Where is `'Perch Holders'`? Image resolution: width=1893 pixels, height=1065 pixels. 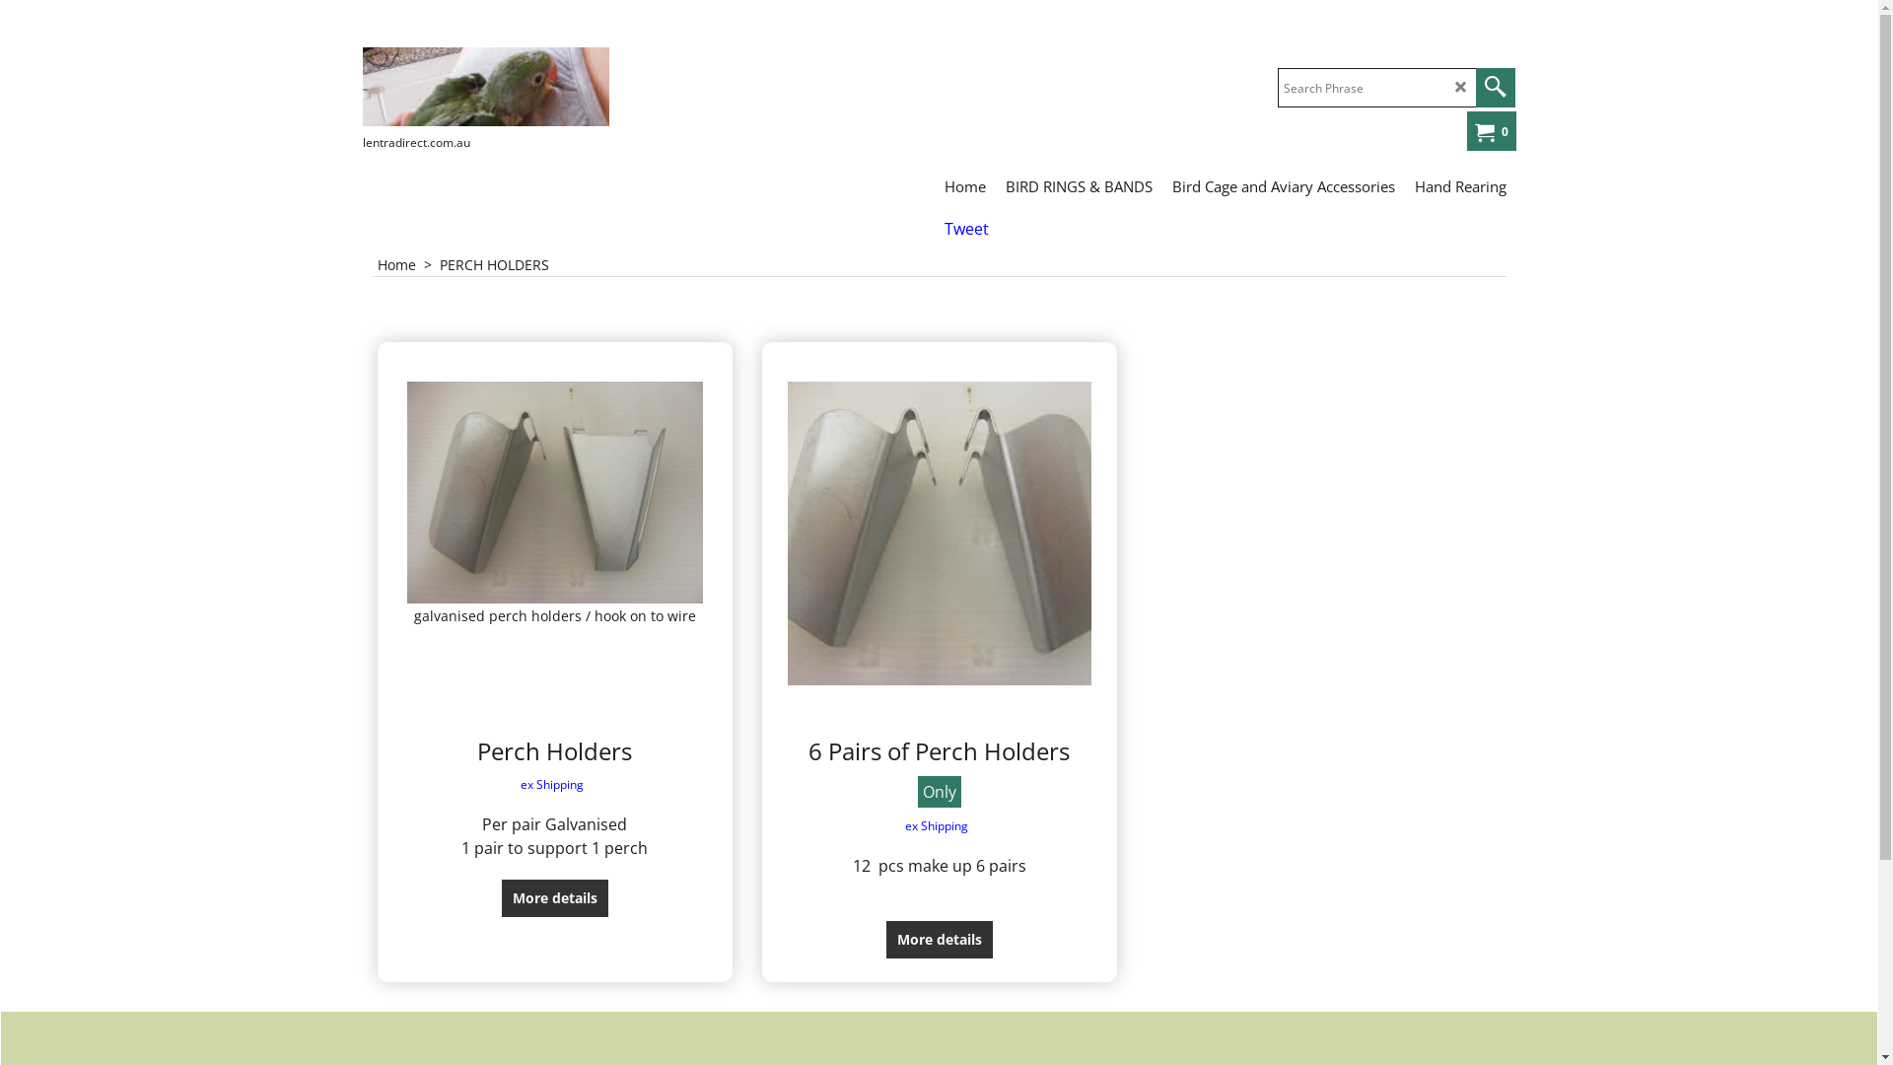
'Perch Holders' is located at coordinates (552, 750).